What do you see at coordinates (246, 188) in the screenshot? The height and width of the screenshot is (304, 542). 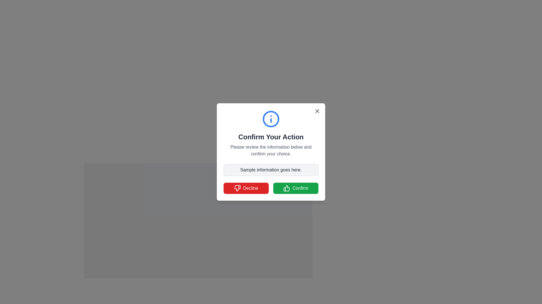 I see `the 'Decline' button located in the lower-left area of the modal dialog` at bounding box center [246, 188].